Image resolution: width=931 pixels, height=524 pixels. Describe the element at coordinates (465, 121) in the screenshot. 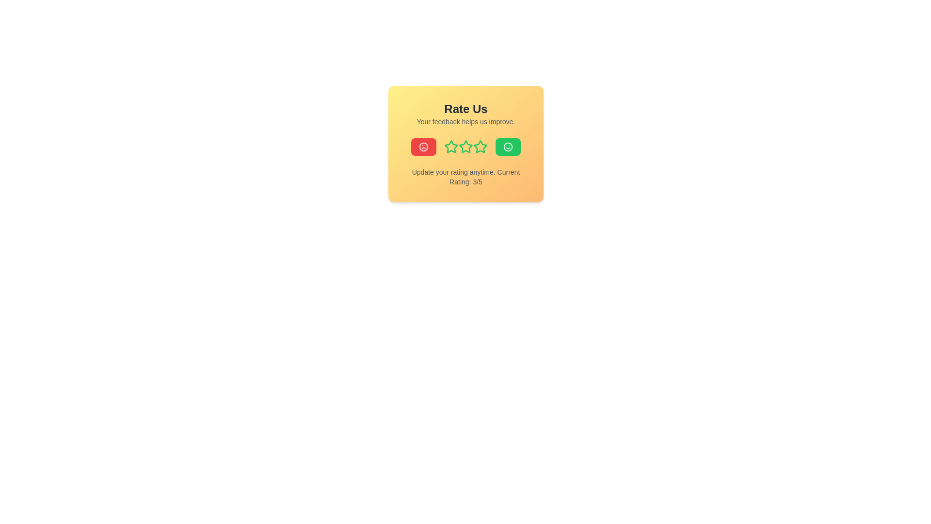

I see `the informational text located immediately below the 'Rate Us' heading to focus on it` at that location.